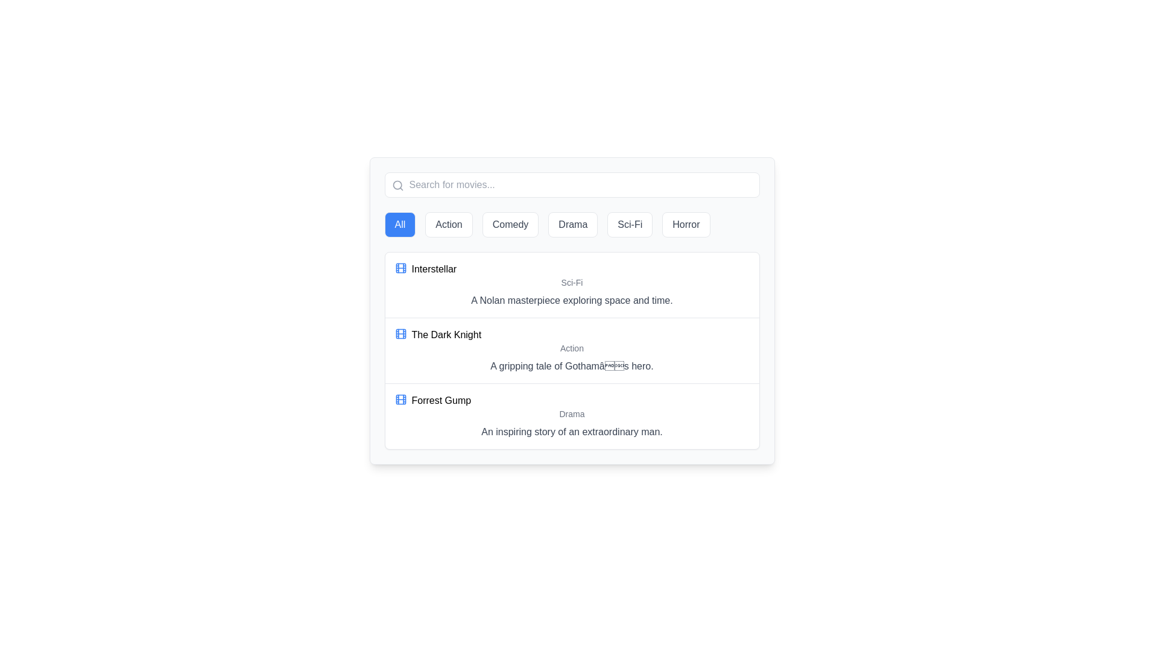  What do you see at coordinates (572, 225) in the screenshot?
I see `the 'Drama' button, which is the fourth button in a horizontal group of six buttons, to trigger hover effects` at bounding box center [572, 225].